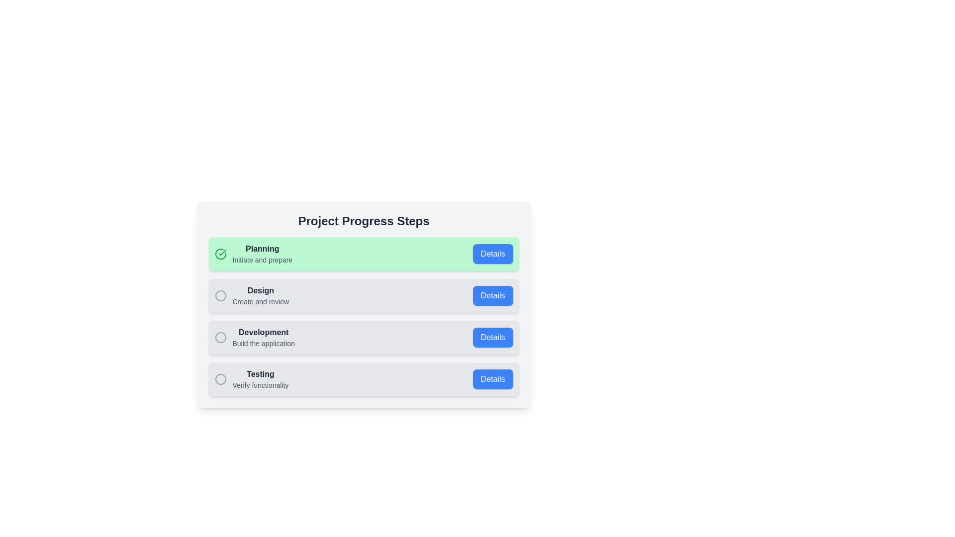 The height and width of the screenshot is (537, 955). I want to click on 'Details' button for the Testing step, so click(492, 379).